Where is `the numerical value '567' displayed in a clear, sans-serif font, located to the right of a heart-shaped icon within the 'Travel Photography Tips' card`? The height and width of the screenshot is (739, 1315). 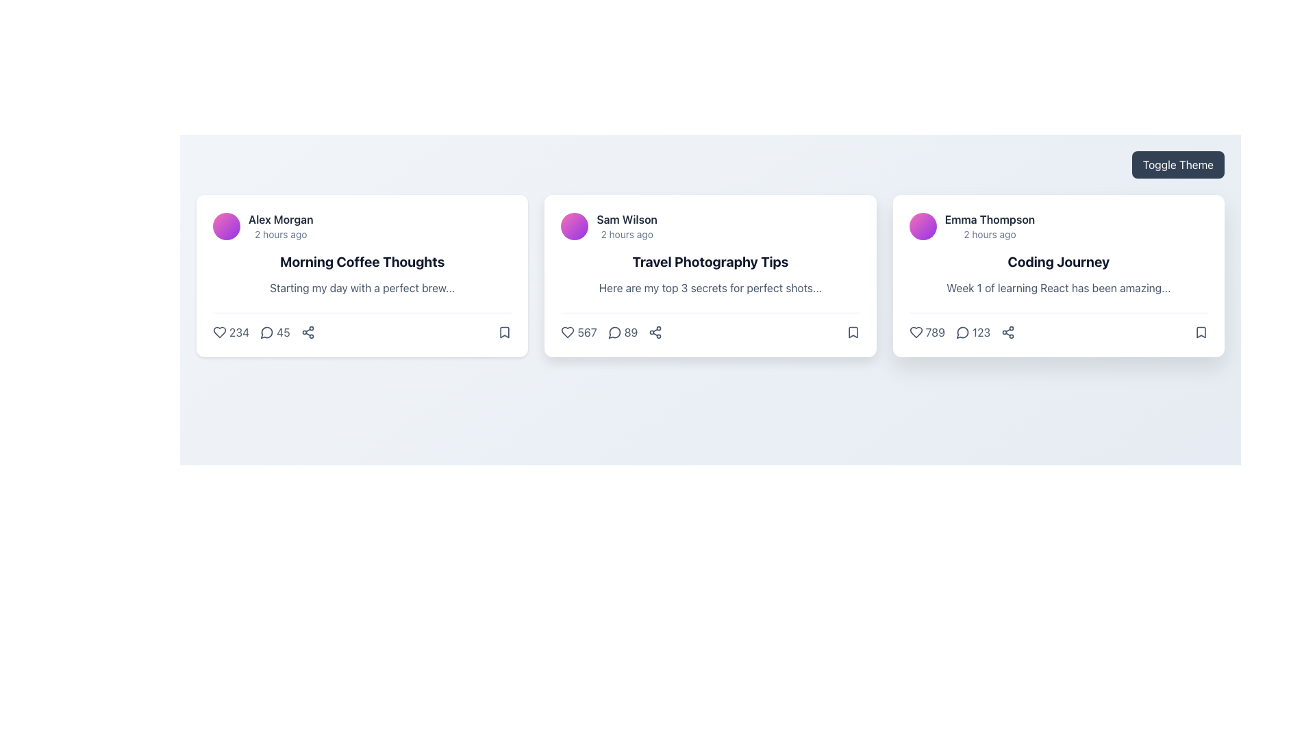
the numerical value '567' displayed in a clear, sans-serif font, located to the right of a heart-shaped icon within the 'Travel Photography Tips' card is located at coordinates (587, 333).